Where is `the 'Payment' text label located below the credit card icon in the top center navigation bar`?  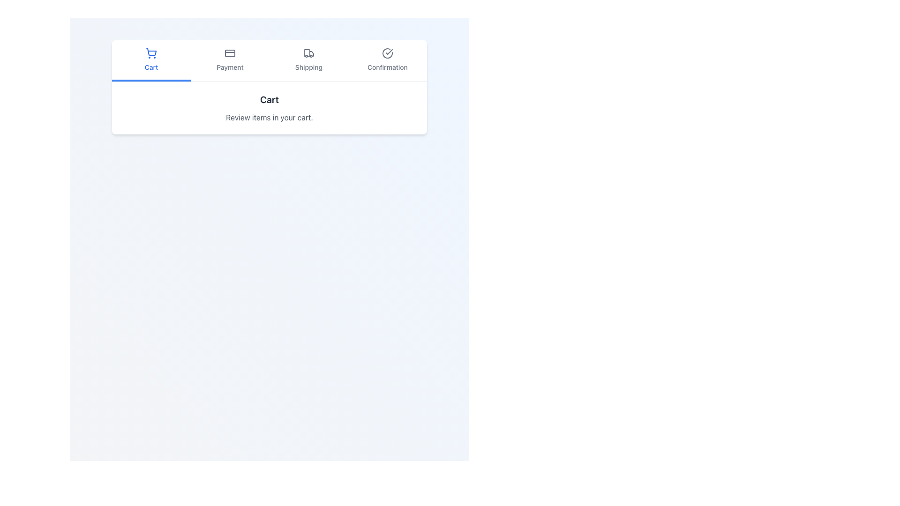 the 'Payment' text label located below the credit card icon in the top center navigation bar is located at coordinates (230, 67).